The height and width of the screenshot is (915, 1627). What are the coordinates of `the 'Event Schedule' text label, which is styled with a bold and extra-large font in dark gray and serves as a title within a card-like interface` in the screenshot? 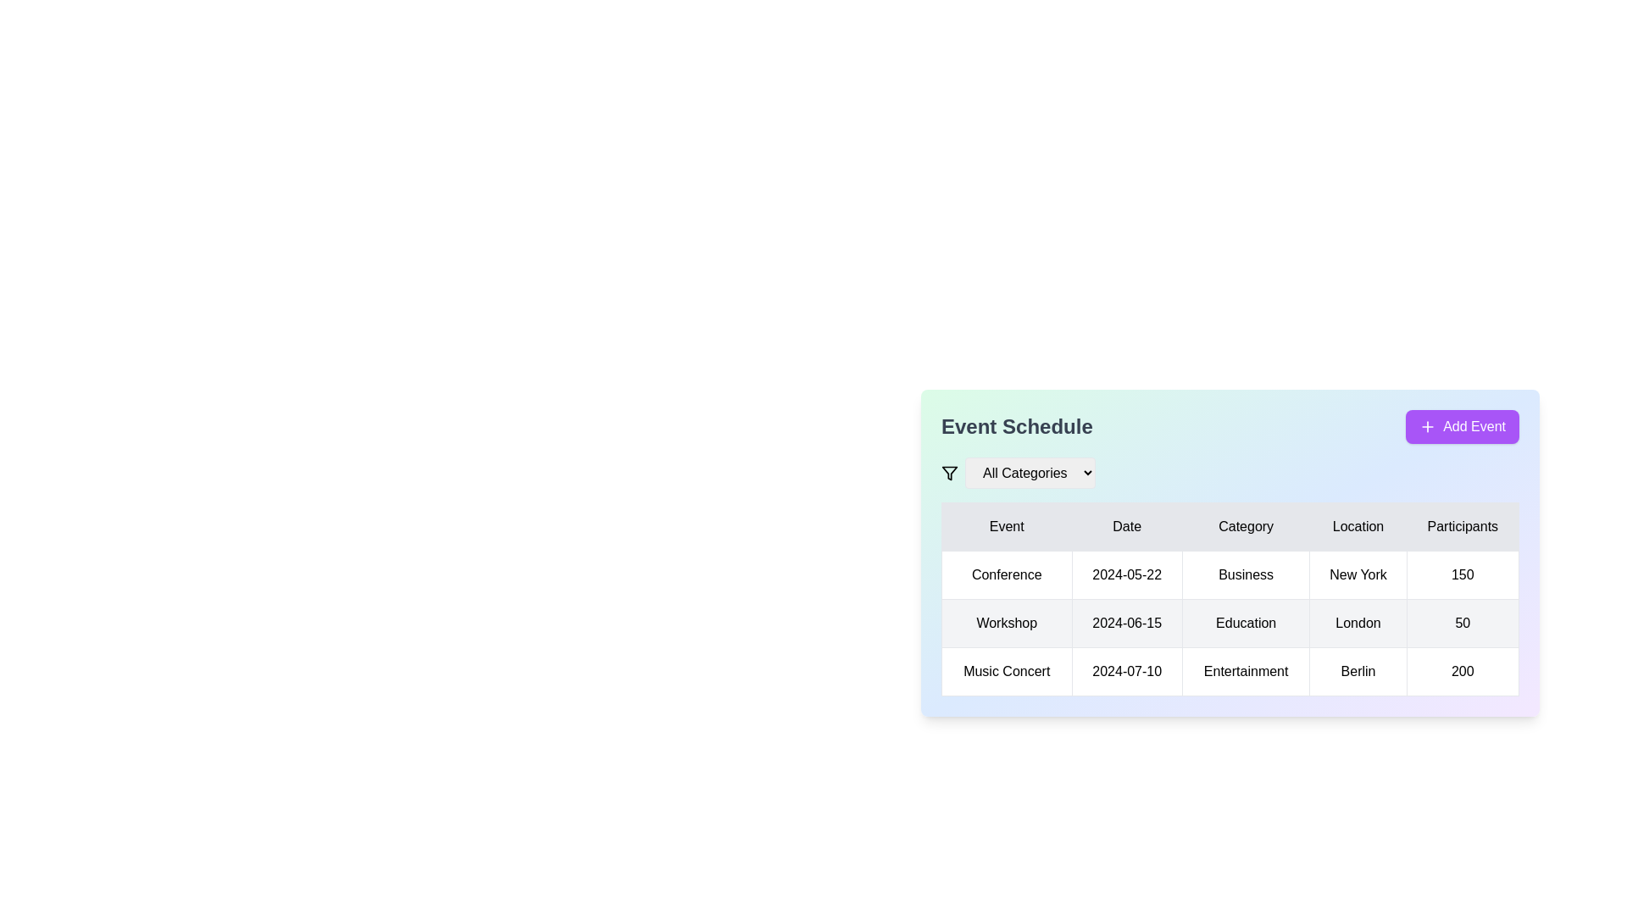 It's located at (1017, 426).